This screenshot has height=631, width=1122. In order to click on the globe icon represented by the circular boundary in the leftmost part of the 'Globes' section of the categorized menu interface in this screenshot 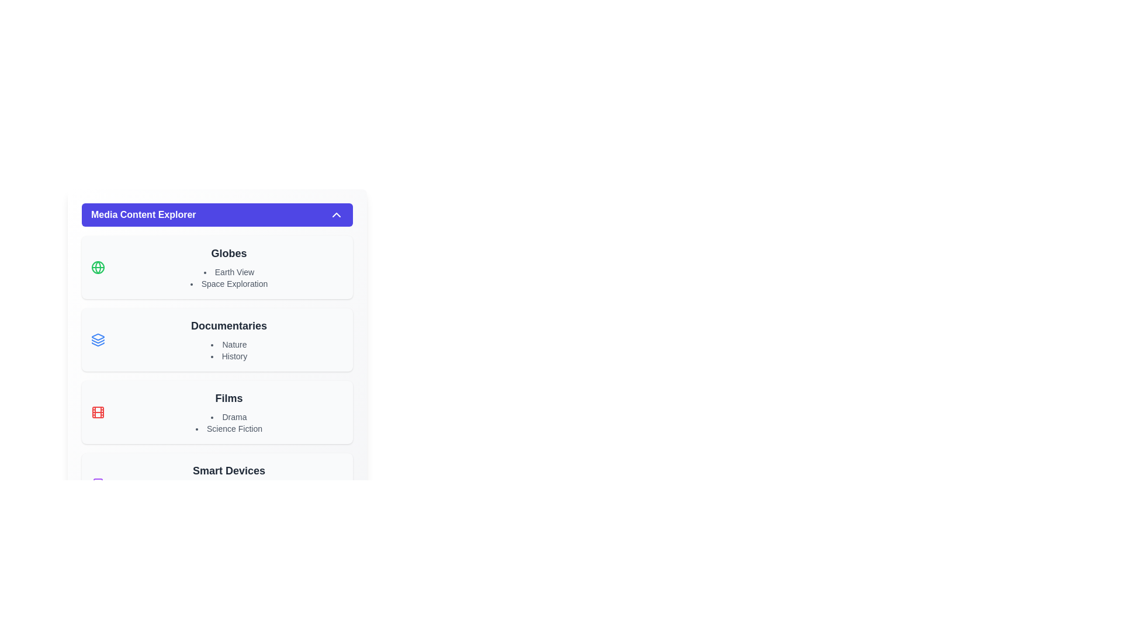, I will do `click(98, 268)`.